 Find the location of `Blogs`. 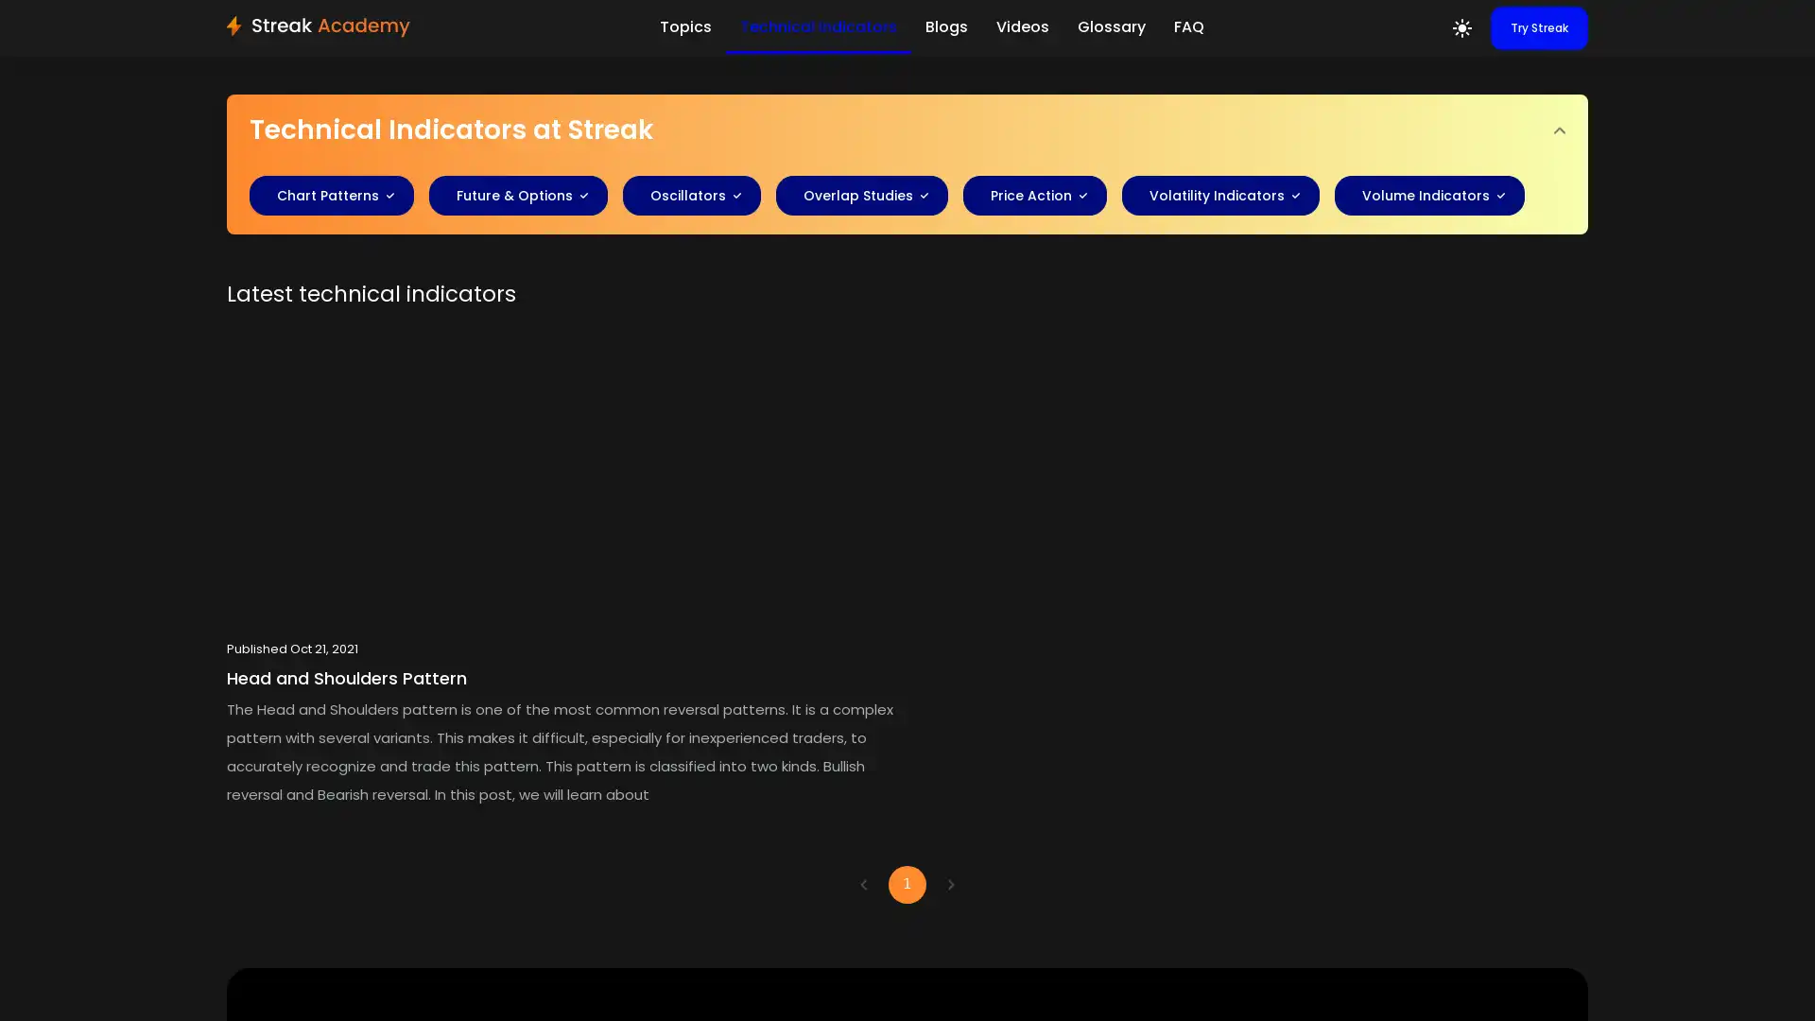

Blogs is located at coordinates (945, 26).